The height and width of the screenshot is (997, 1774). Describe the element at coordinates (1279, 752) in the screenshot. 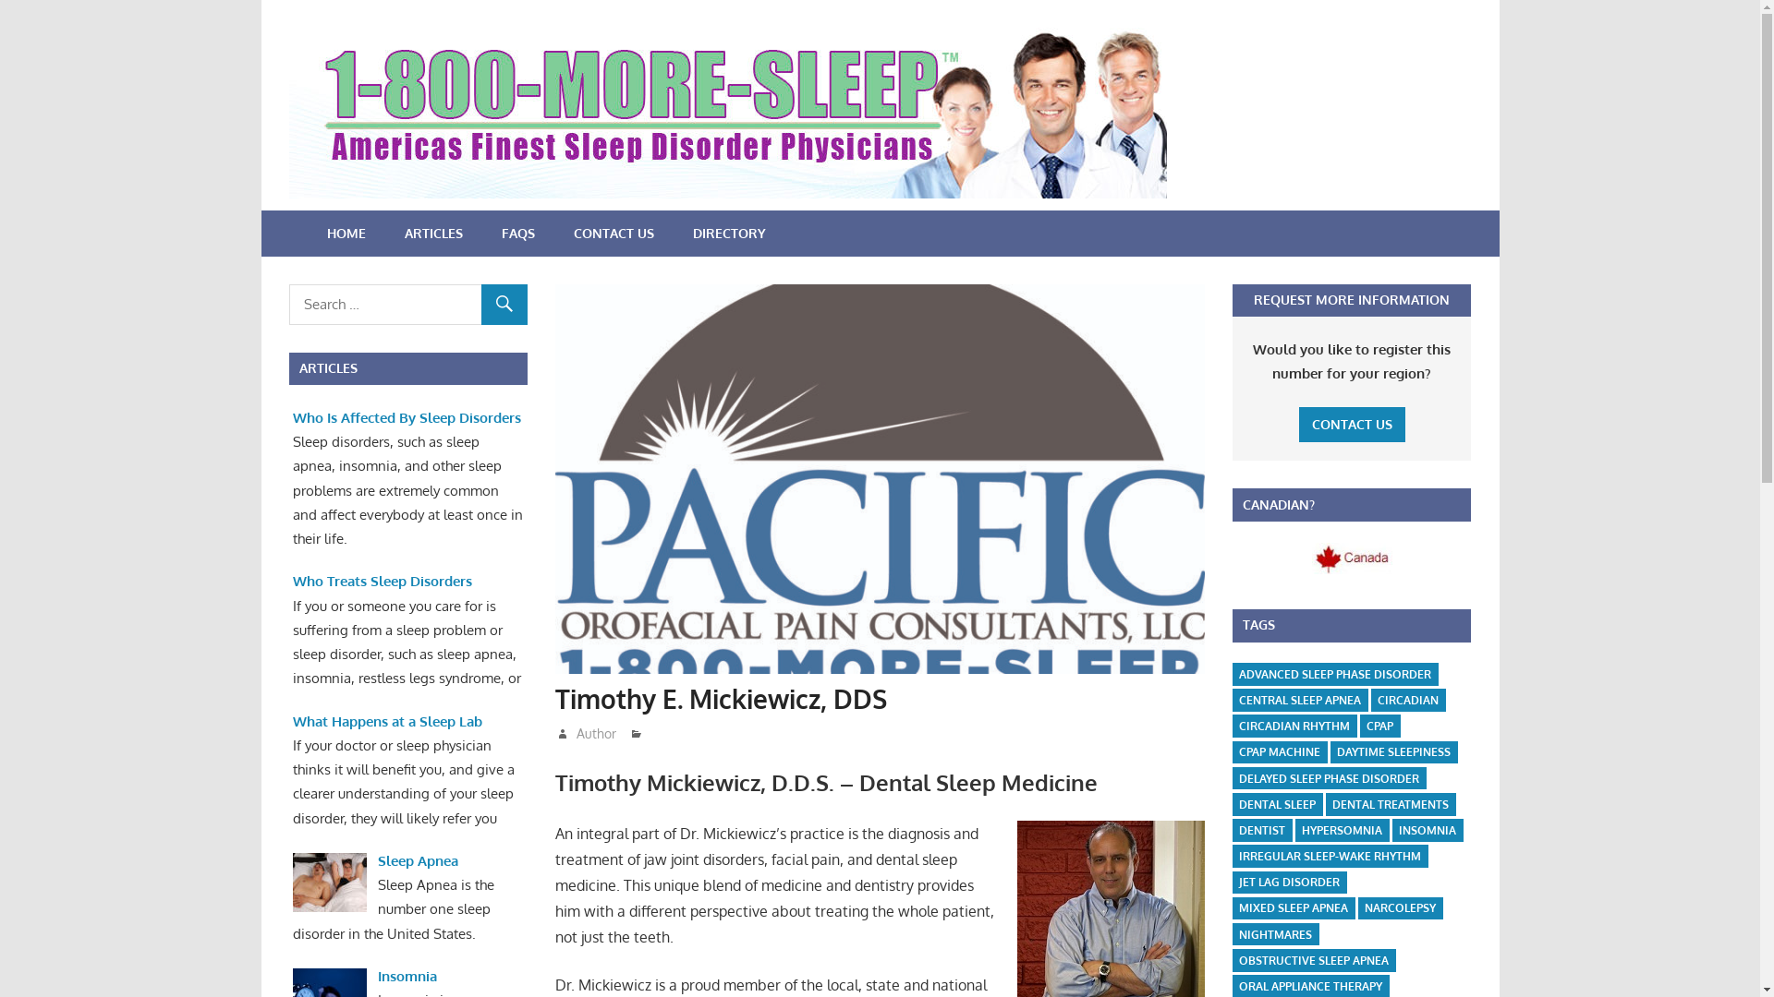

I see `'CPAP MACHINE'` at that location.